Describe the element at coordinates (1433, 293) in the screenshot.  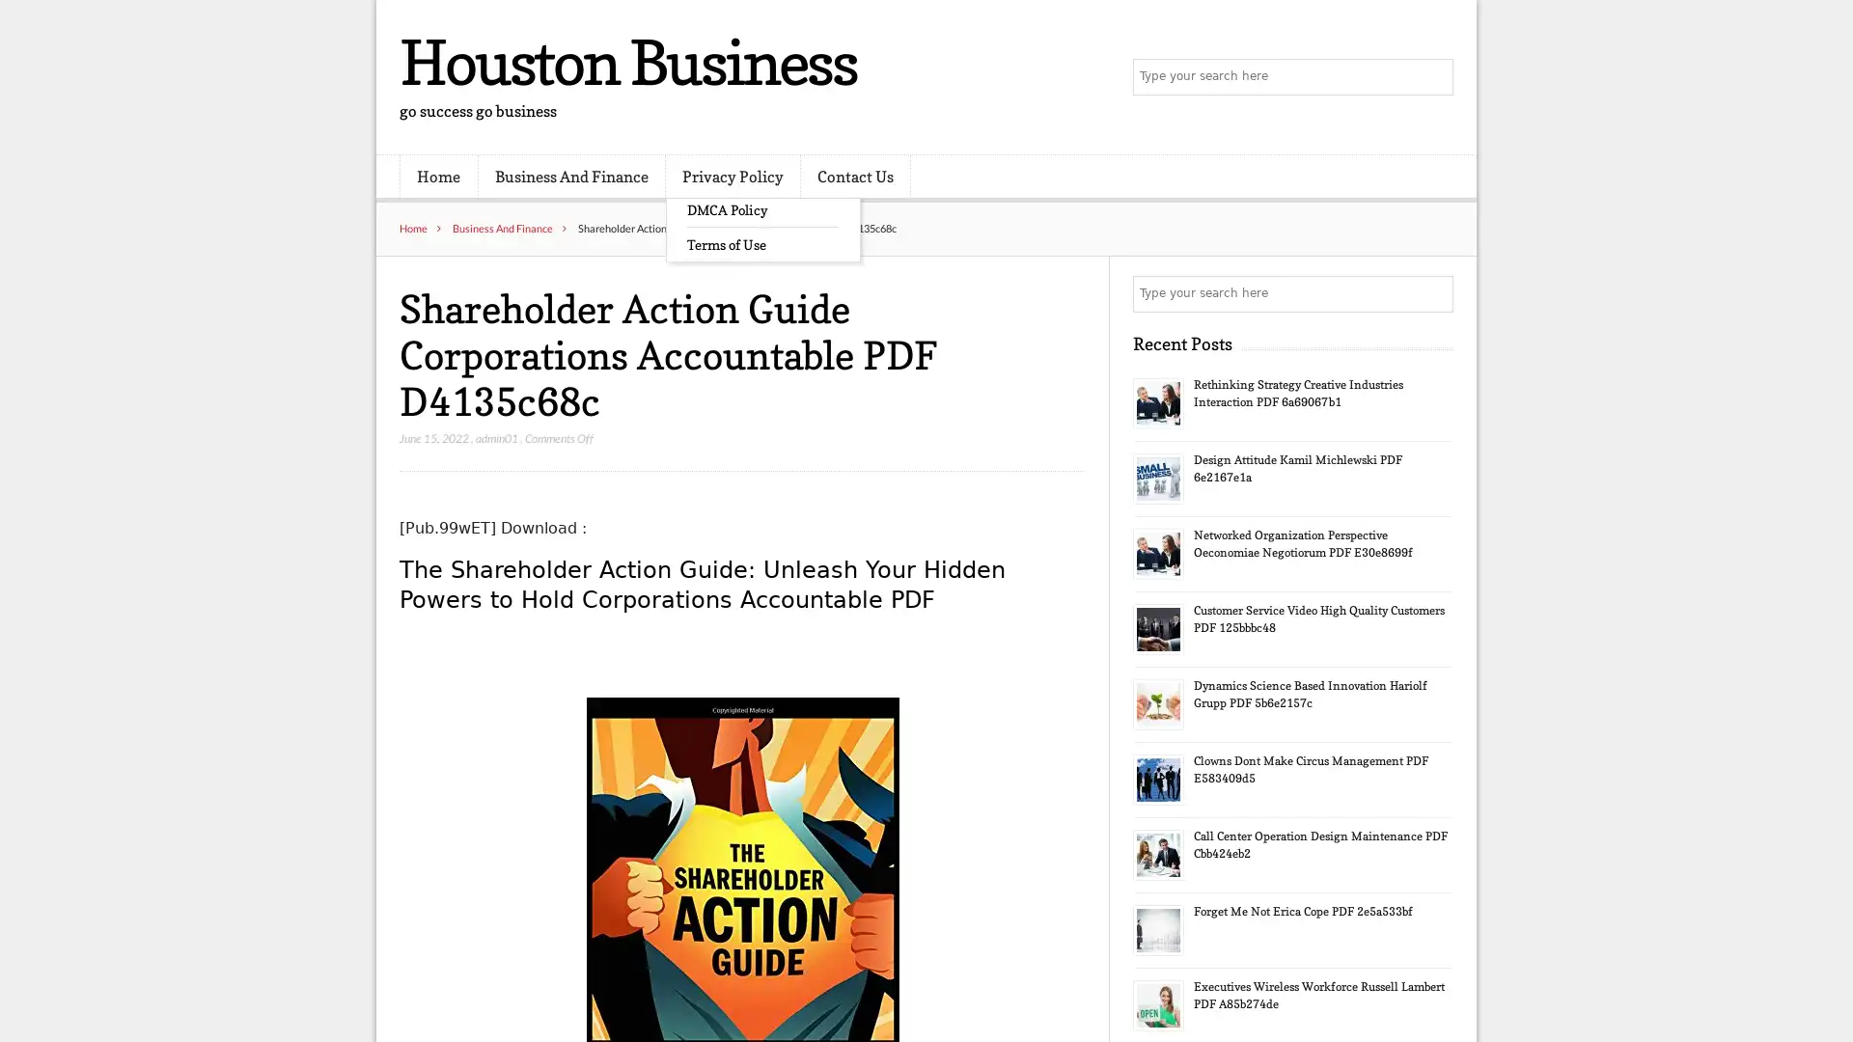
I see `Search` at that location.